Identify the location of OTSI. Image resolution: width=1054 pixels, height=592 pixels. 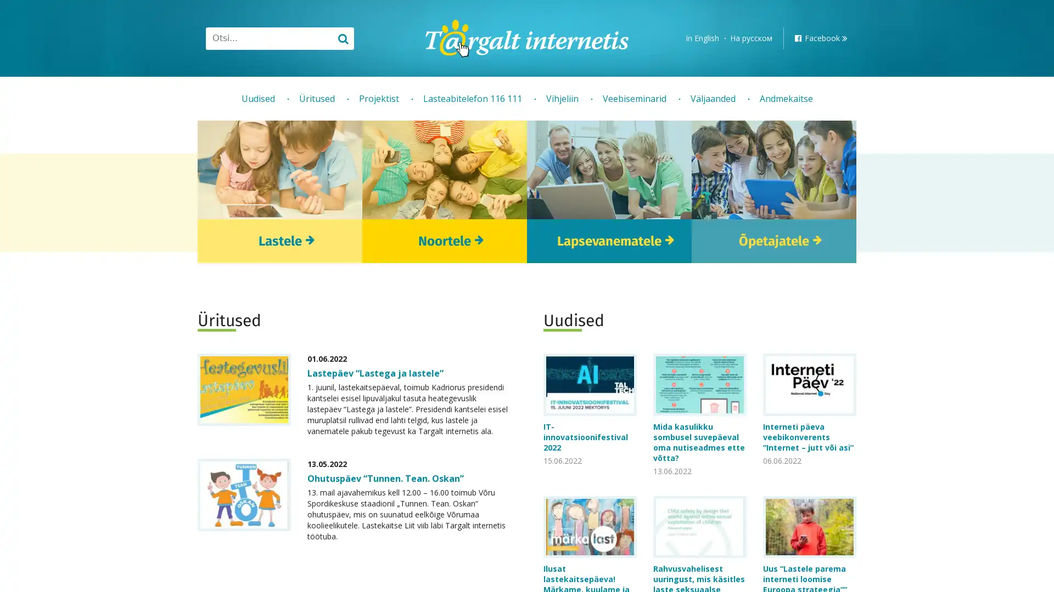
(342, 37).